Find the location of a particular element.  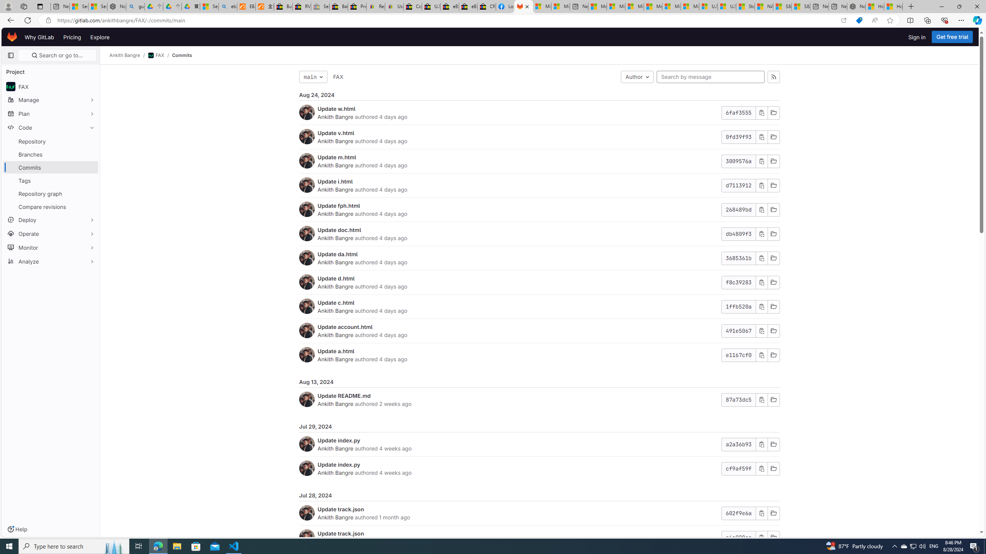

'Update doc.html' is located at coordinates (339, 230).